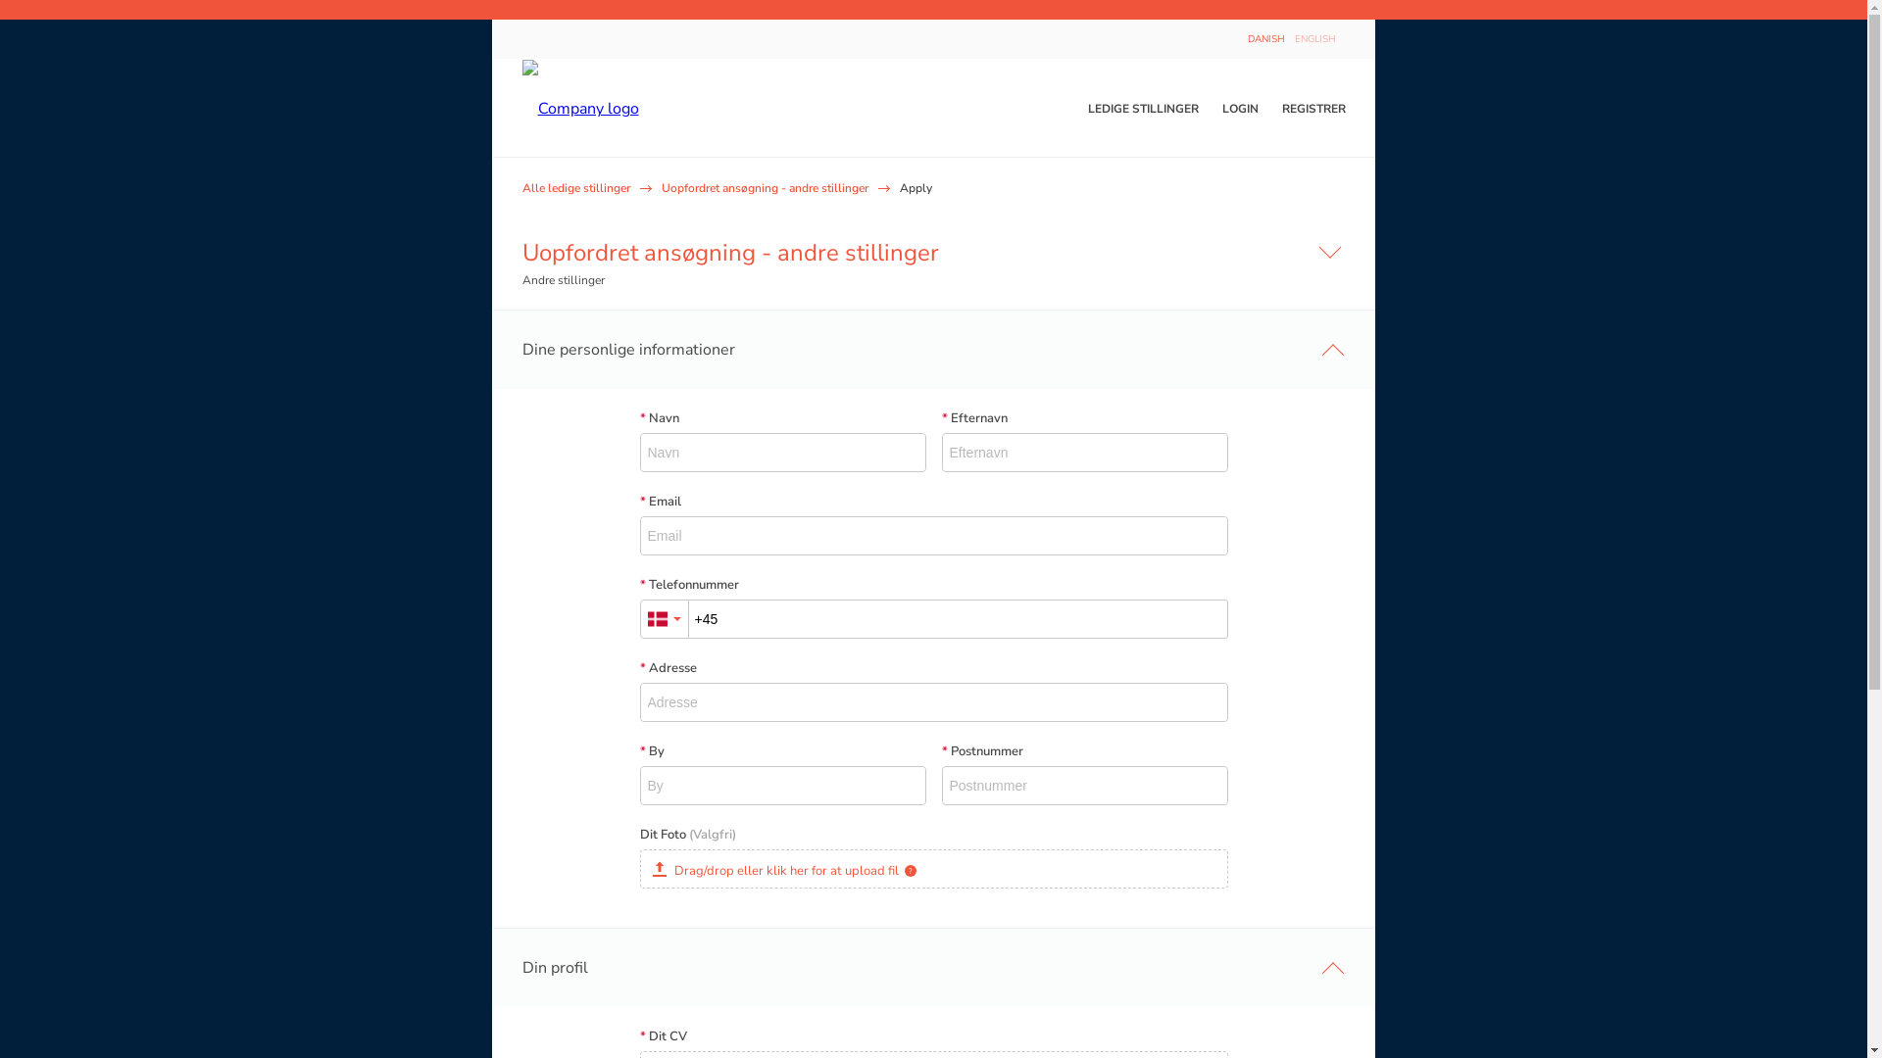 Image resolution: width=1882 pixels, height=1058 pixels. Describe the element at coordinates (521, 188) in the screenshot. I see `'Alle ledige stillinger'` at that location.